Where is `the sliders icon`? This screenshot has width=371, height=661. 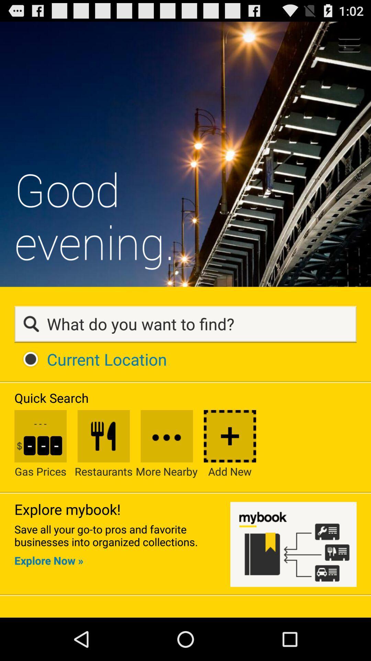 the sliders icon is located at coordinates (103, 476).